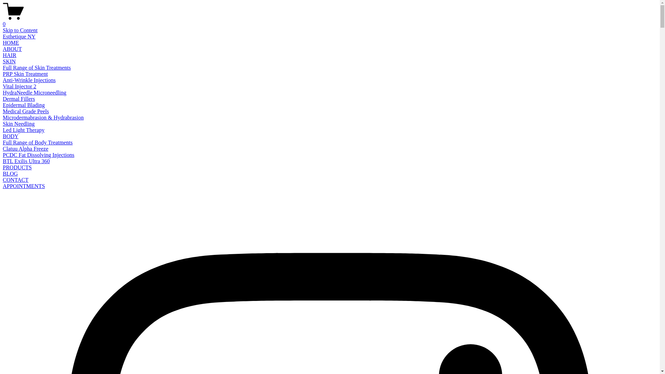  What do you see at coordinates (329, 21) in the screenshot?
I see `'0'` at bounding box center [329, 21].